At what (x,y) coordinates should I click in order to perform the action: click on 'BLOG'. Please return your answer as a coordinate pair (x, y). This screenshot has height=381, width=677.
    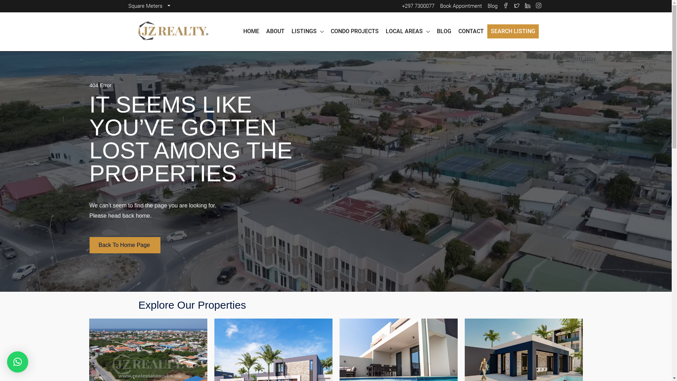
    Looking at the image, I should click on (433, 31).